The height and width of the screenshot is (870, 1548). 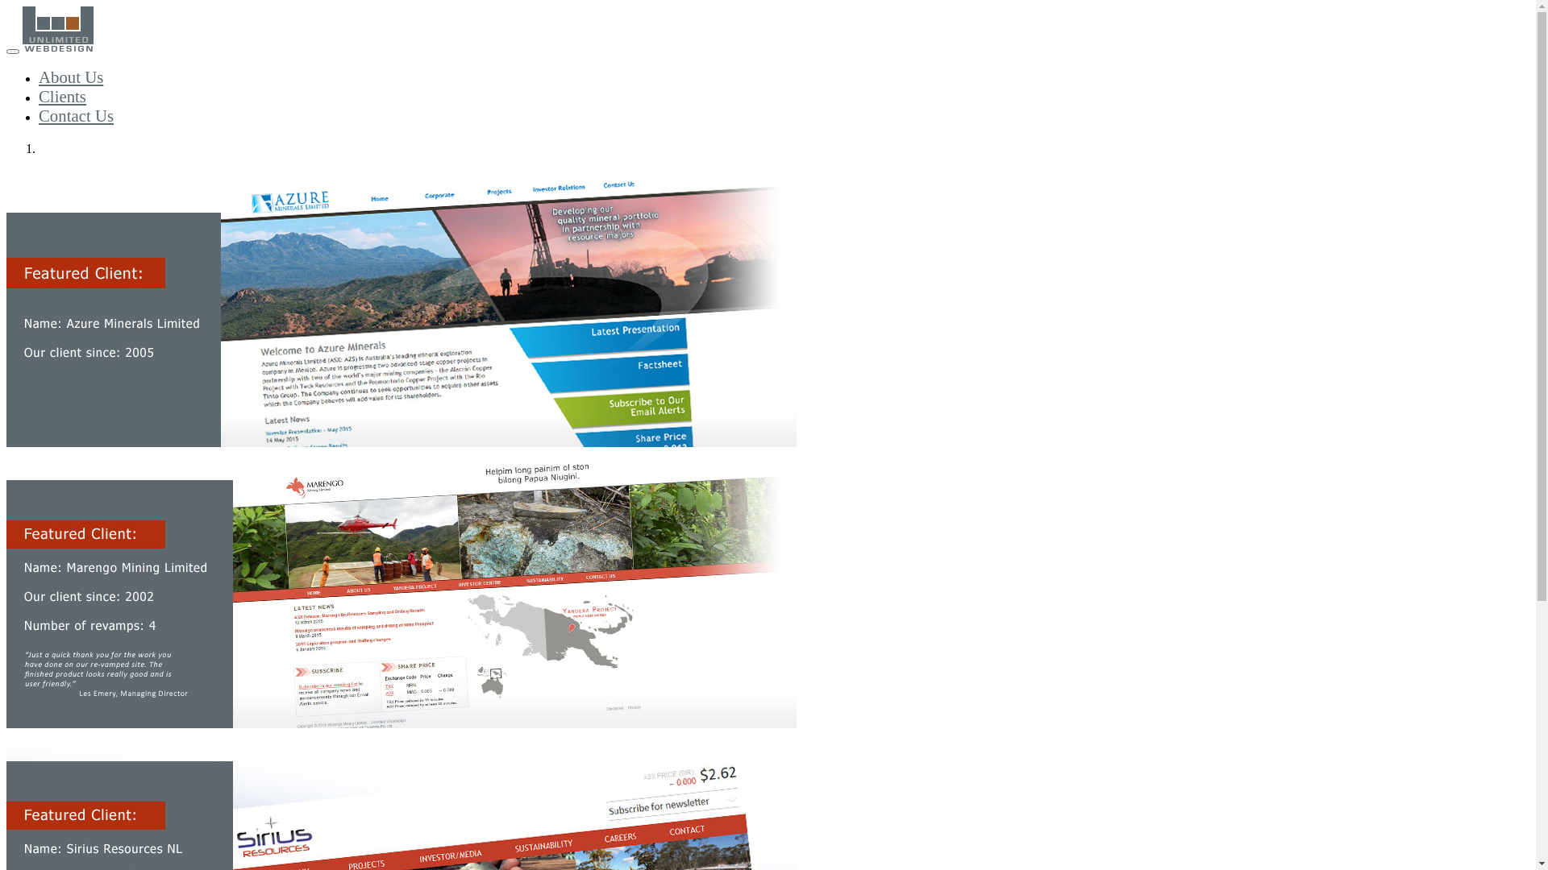 I want to click on 'About Us', so click(x=69, y=77).